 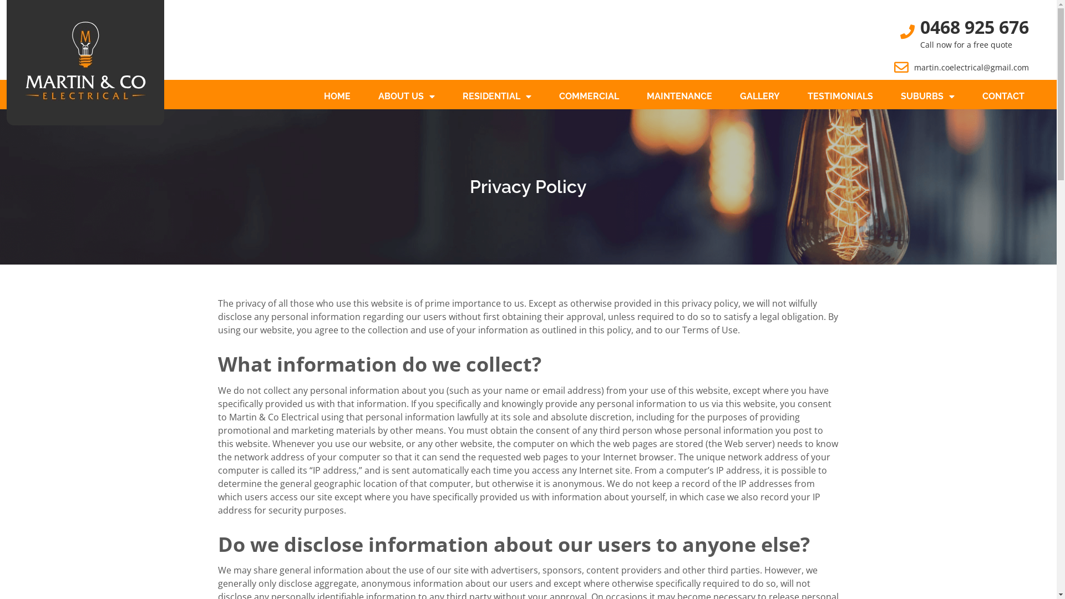 What do you see at coordinates (1003, 95) in the screenshot?
I see `'CONTACT'` at bounding box center [1003, 95].